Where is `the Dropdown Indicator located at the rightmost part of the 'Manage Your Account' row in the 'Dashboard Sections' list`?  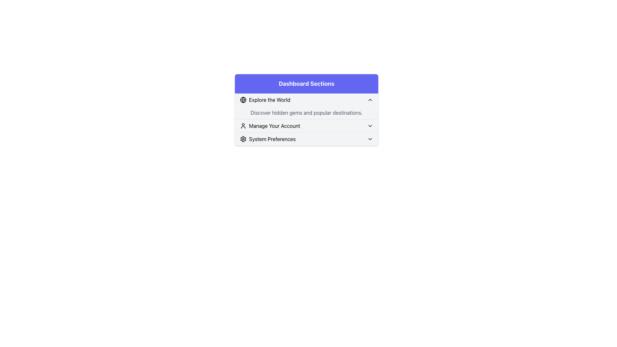
the Dropdown Indicator located at the rightmost part of the 'Manage Your Account' row in the 'Dashboard Sections' list is located at coordinates (370, 126).